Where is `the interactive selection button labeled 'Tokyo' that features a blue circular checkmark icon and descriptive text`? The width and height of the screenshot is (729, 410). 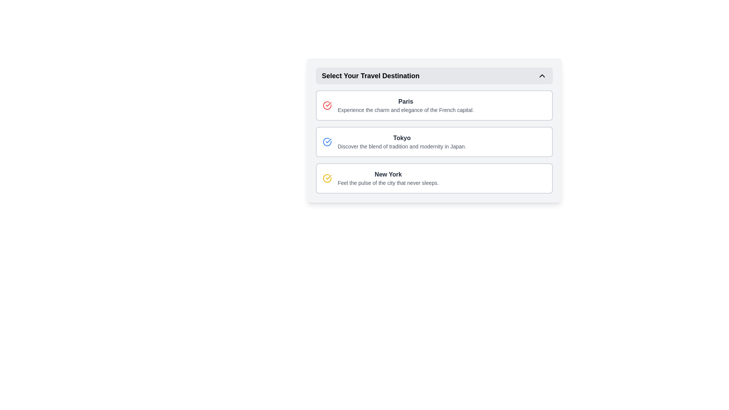
the interactive selection button labeled 'Tokyo' that features a blue circular checkmark icon and descriptive text is located at coordinates (434, 130).